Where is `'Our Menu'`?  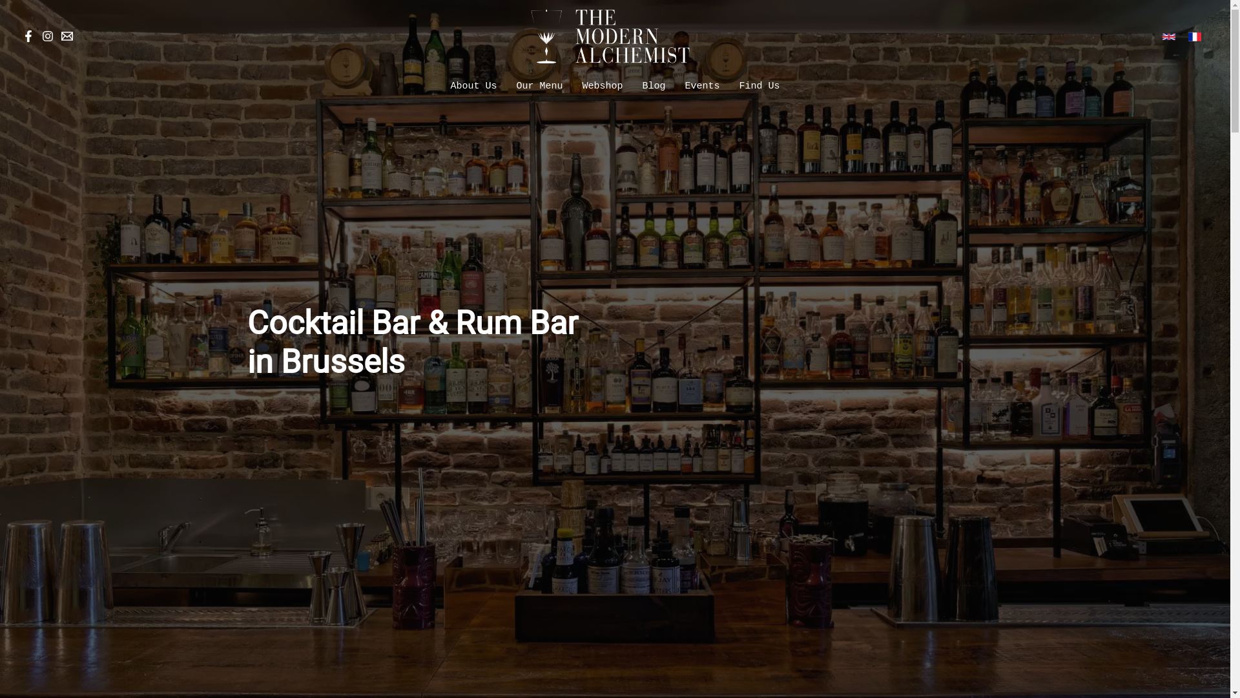
'Our Menu' is located at coordinates (539, 86).